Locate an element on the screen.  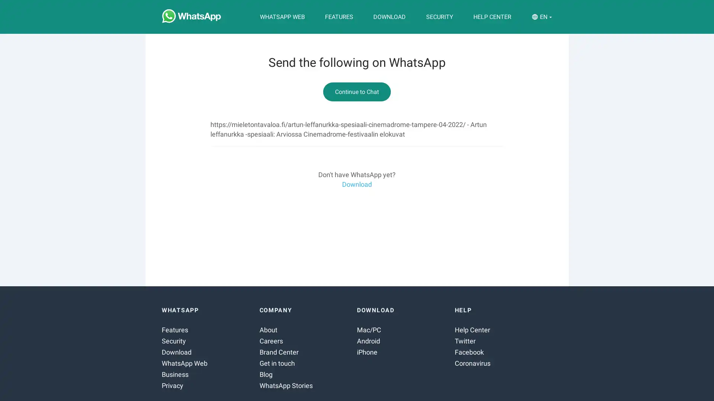
EN is located at coordinates (542, 17).